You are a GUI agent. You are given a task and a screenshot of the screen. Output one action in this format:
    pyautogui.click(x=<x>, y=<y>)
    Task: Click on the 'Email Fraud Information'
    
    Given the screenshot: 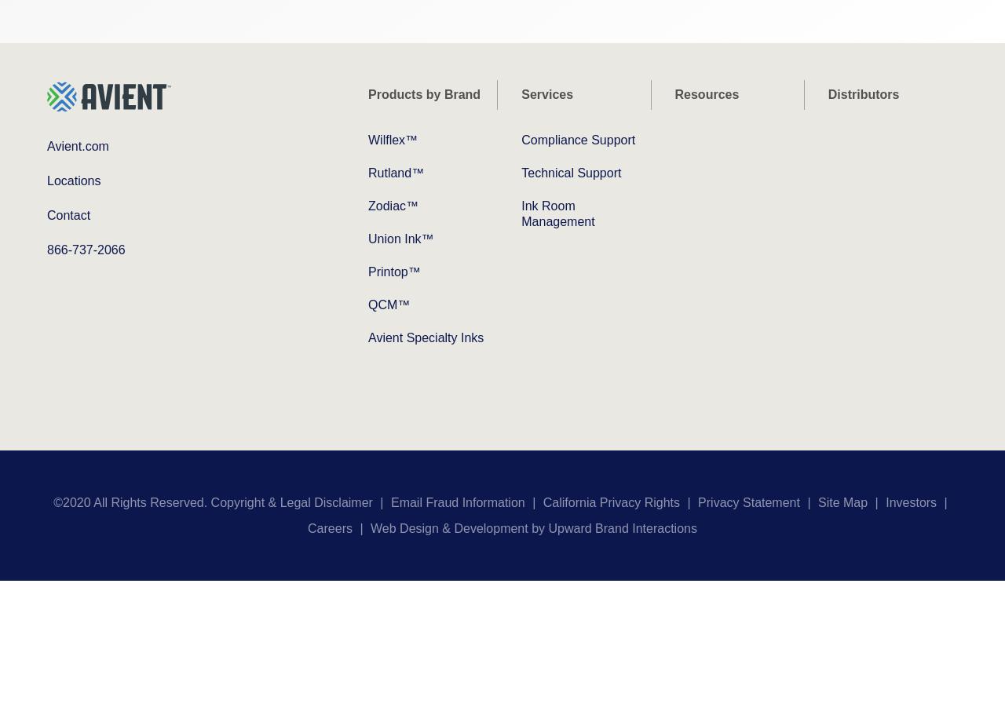 What is the action you would take?
    pyautogui.click(x=456, y=501)
    